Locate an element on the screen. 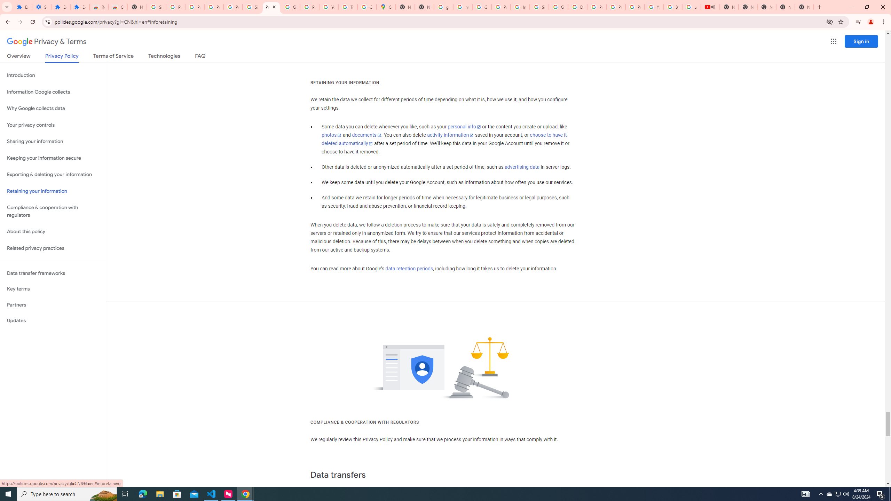  'Sharing your information' is located at coordinates (53, 141).